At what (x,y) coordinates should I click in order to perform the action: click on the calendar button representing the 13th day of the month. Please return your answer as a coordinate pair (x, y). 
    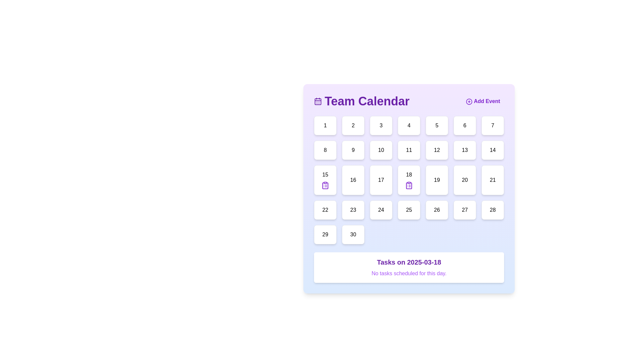
    Looking at the image, I should click on (464, 150).